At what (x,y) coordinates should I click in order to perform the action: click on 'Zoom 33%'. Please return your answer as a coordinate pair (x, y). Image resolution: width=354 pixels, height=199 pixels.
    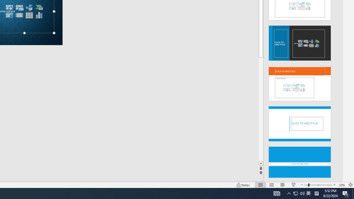
    Looking at the image, I should click on (342, 185).